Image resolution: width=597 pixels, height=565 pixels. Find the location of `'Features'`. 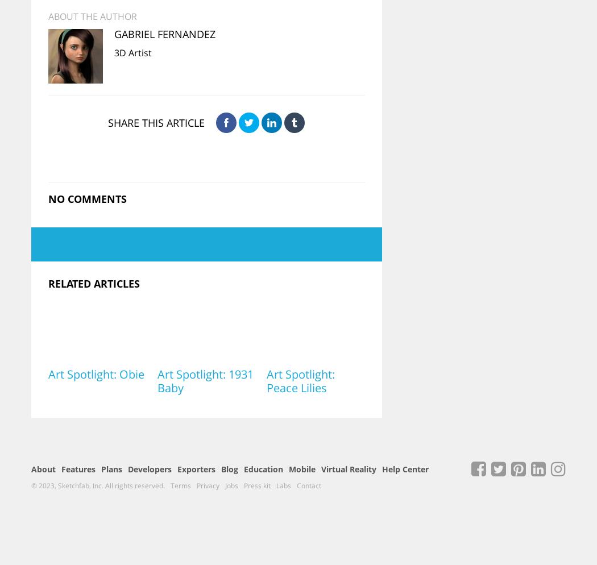

'Features' is located at coordinates (61, 468).